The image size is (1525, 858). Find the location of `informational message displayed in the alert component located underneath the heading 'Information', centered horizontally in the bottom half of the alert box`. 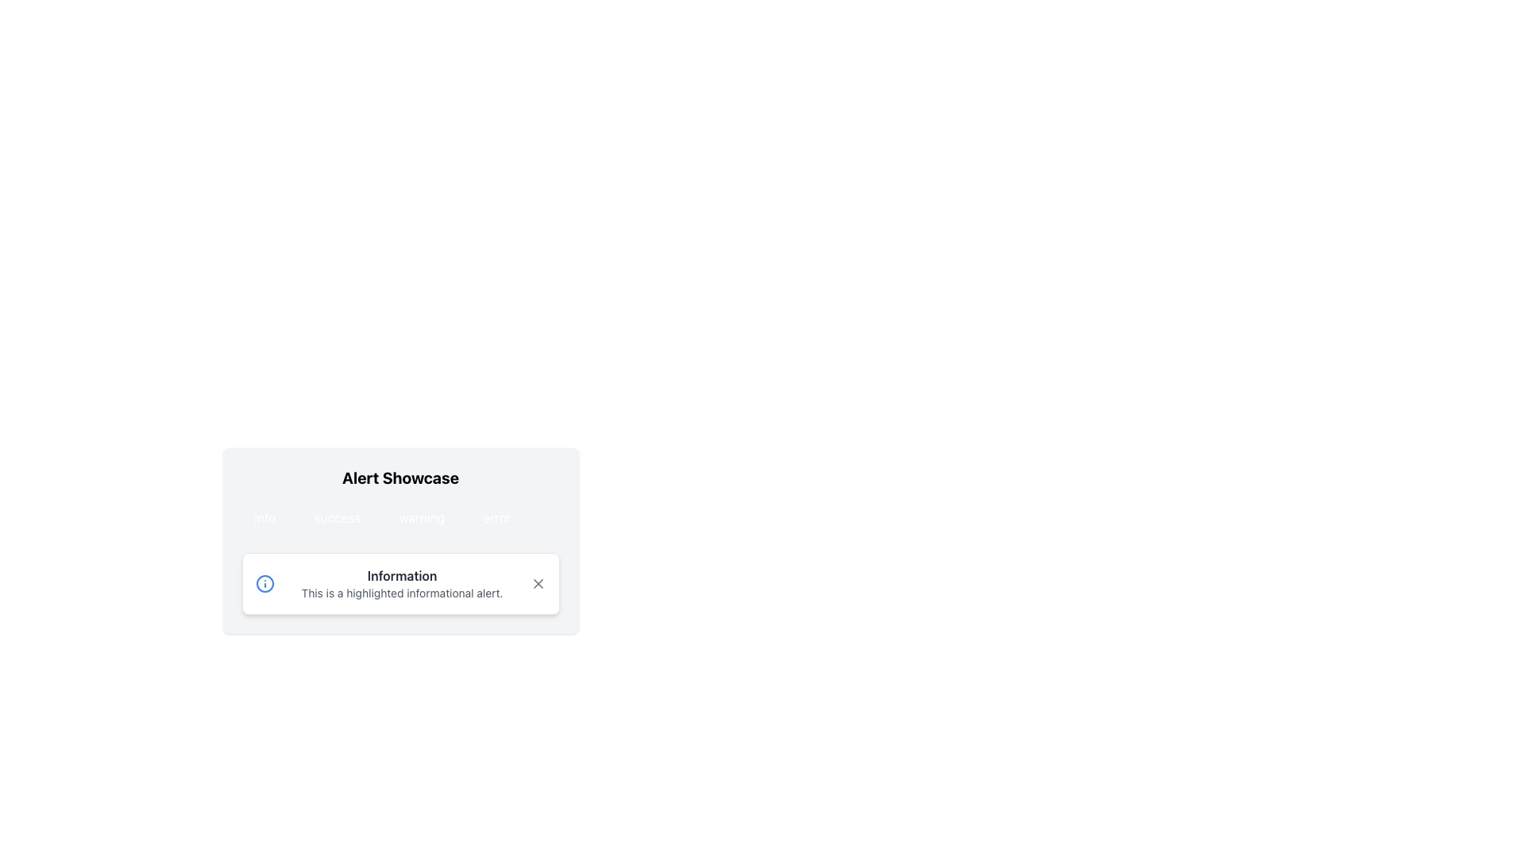

informational message displayed in the alert component located underneath the heading 'Information', centered horizontally in the bottom half of the alert box is located at coordinates (402, 593).